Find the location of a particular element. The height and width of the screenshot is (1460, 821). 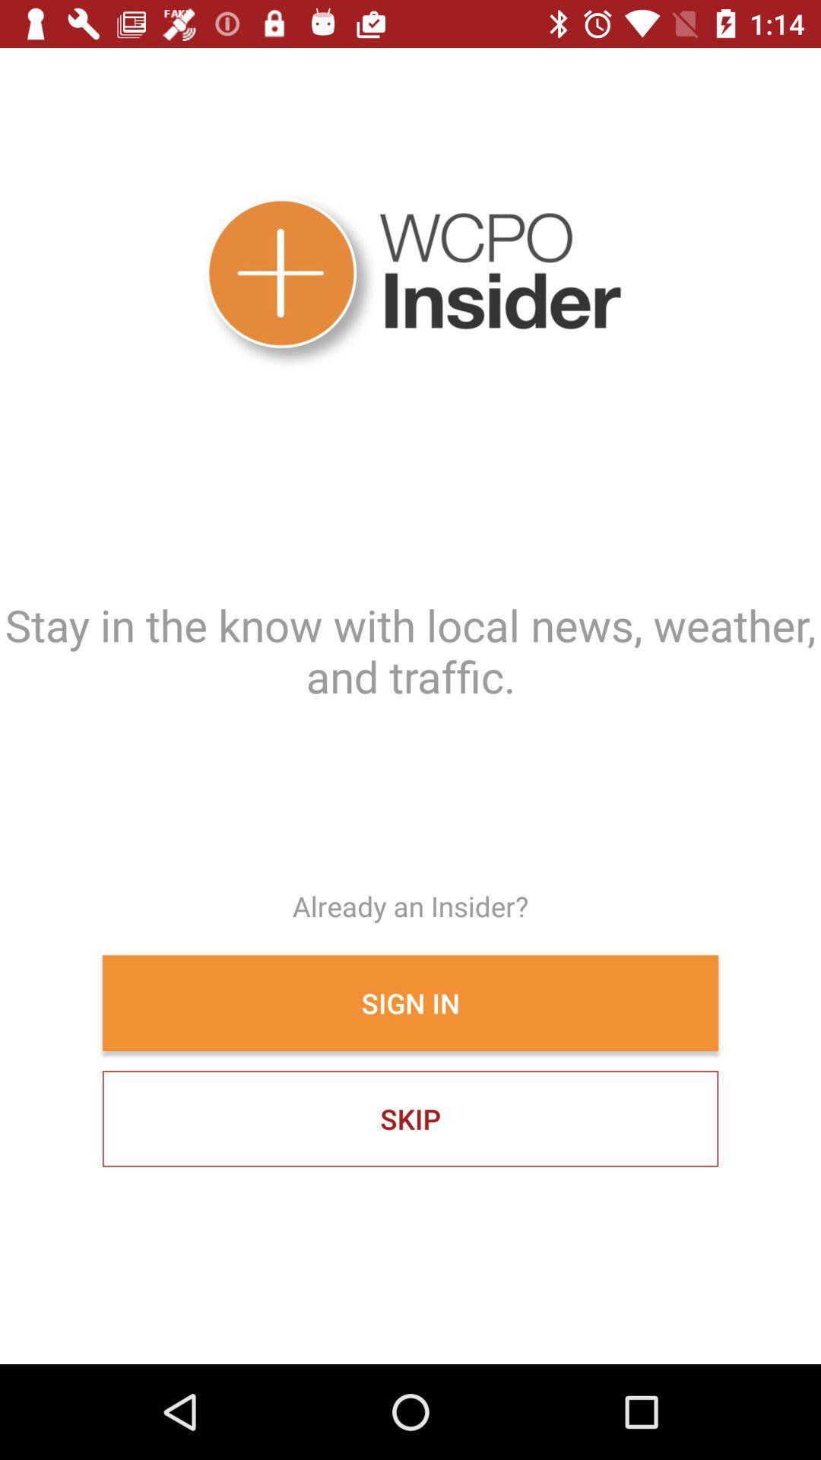

skip icon is located at coordinates (410, 1119).